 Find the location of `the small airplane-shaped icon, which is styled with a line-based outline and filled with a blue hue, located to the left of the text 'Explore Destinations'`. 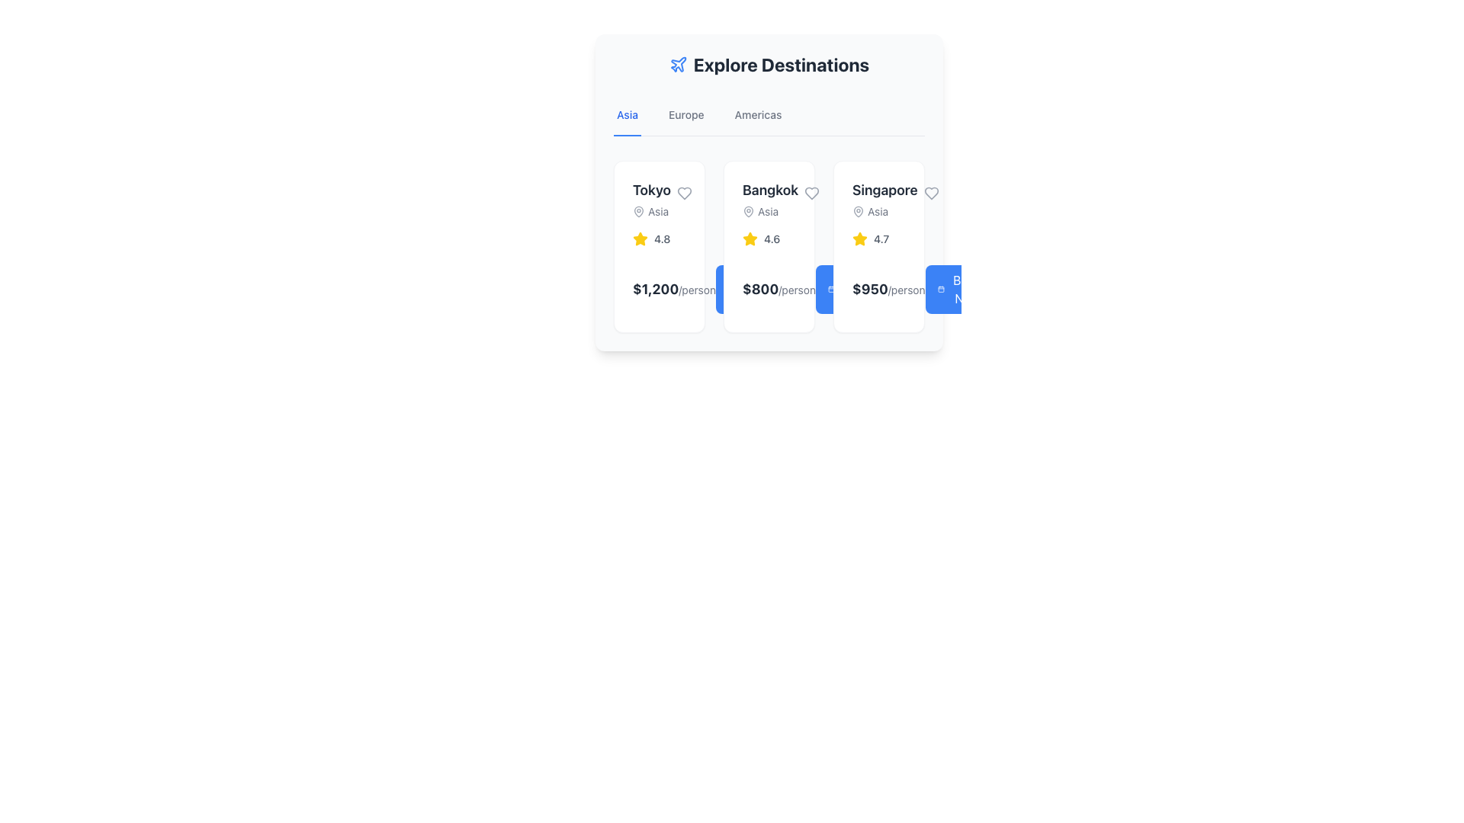

the small airplane-shaped icon, which is styled with a line-based outline and filled with a blue hue, located to the left of the text 'Explore Destinations' is located at coordinates (677, 63).